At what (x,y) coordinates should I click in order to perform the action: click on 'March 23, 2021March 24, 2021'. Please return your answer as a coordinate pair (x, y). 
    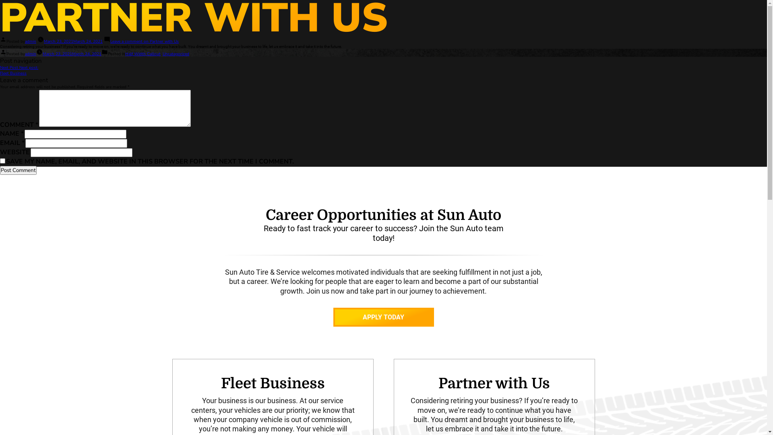
    Looking at the image, I should click on (72, 54).